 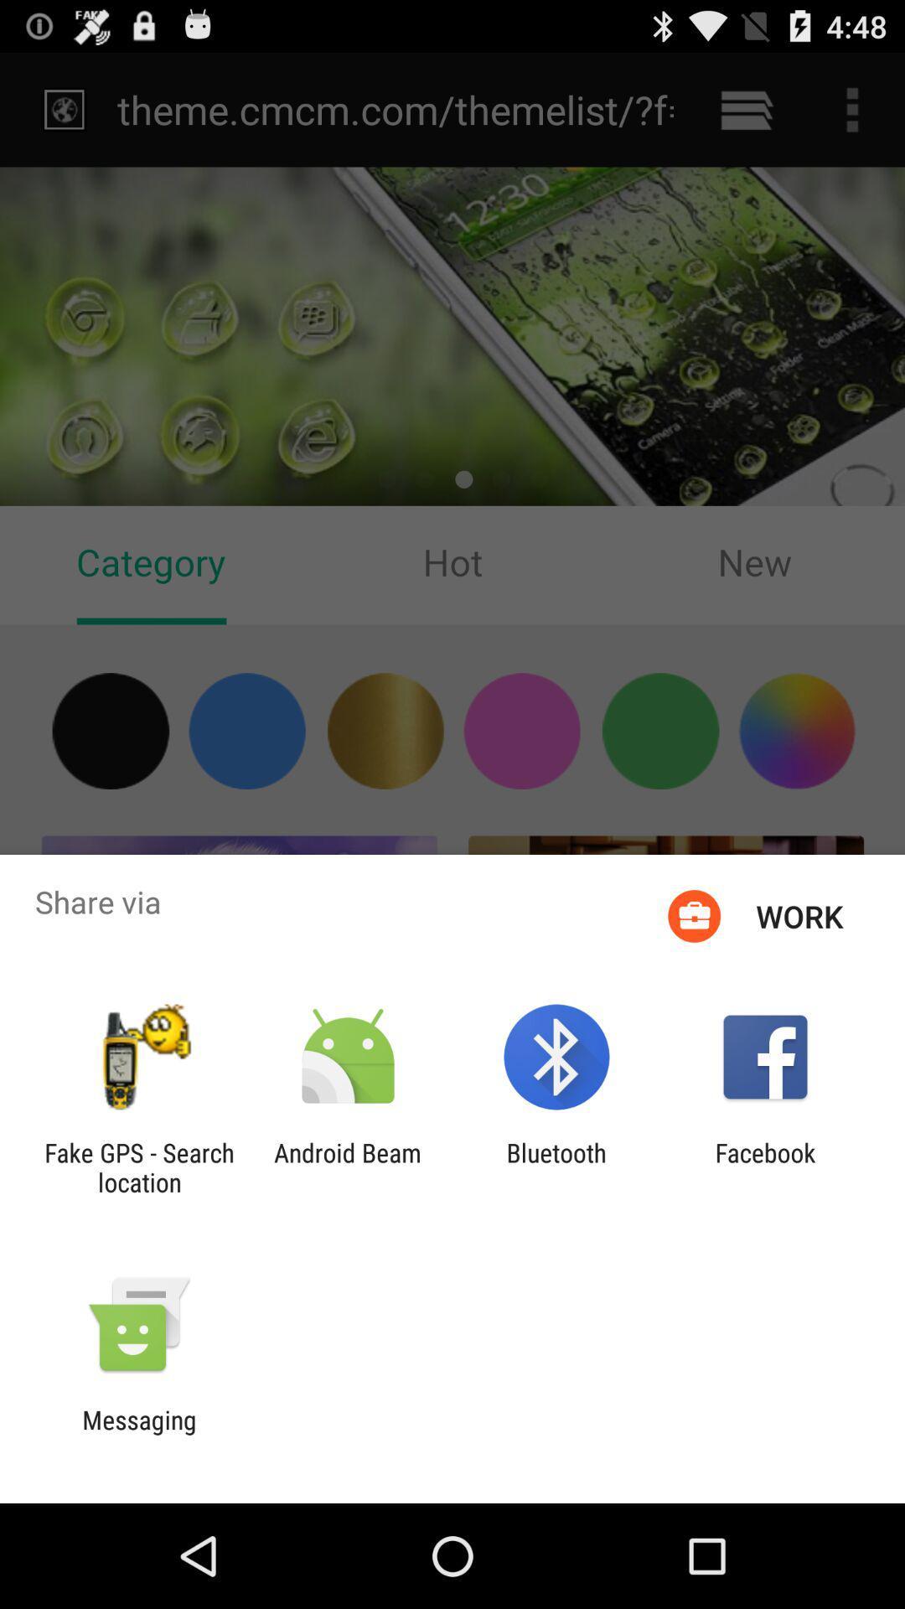 What do you see at coordinates (347, 1167) in the screenshot?
I see `app next to bluetooth item` at bounding box center [347, 1167].